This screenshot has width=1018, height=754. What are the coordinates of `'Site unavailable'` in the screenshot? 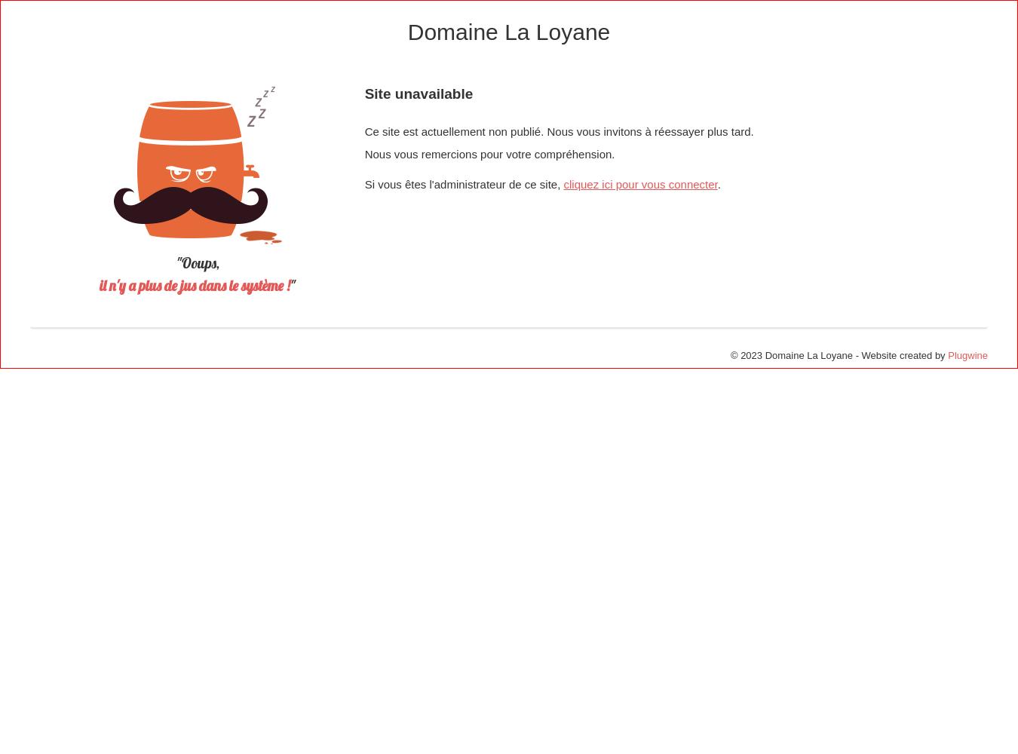 It's located at (417, 93).